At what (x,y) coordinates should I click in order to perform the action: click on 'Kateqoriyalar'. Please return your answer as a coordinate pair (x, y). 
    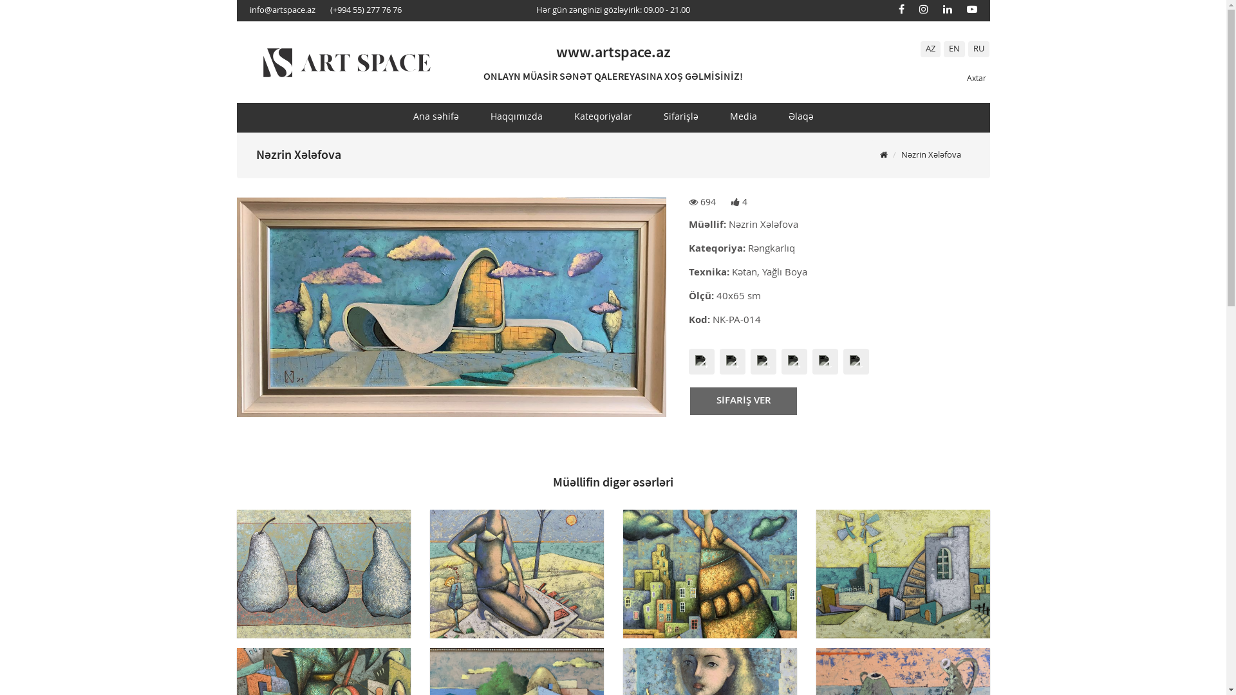
    Looking at the image, I should click on (602, 116).